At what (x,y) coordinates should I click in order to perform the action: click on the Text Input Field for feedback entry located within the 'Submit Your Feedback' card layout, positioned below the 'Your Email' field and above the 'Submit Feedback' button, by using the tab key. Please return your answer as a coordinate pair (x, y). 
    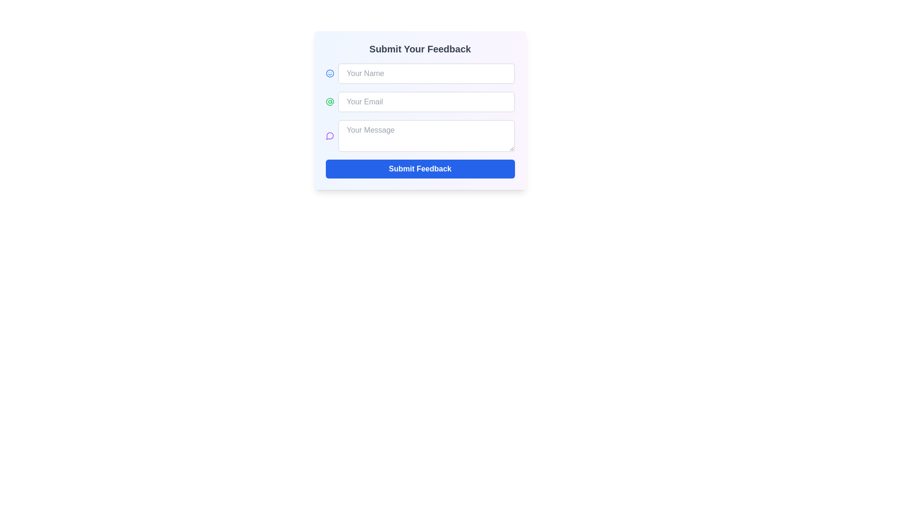
    Looking at the image, I should click on (419, 120).